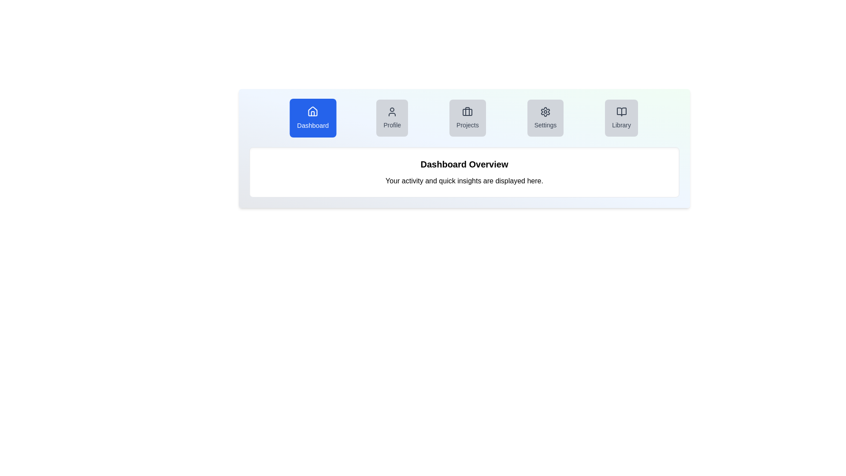 Image resolution: width=846 pixels, height=476 pixels. Describe the element at coordinates (313, 117) in the screenshot. I see `the 'Dashboard' button, which is a blue rectangular button with rounded corners, displaying white text and a house icon` at that location.